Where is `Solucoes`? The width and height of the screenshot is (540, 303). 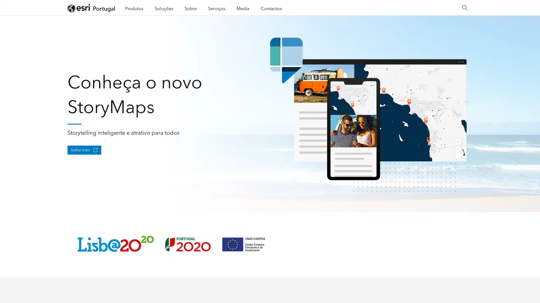
Solucoes is located at coordinates (163, 8).